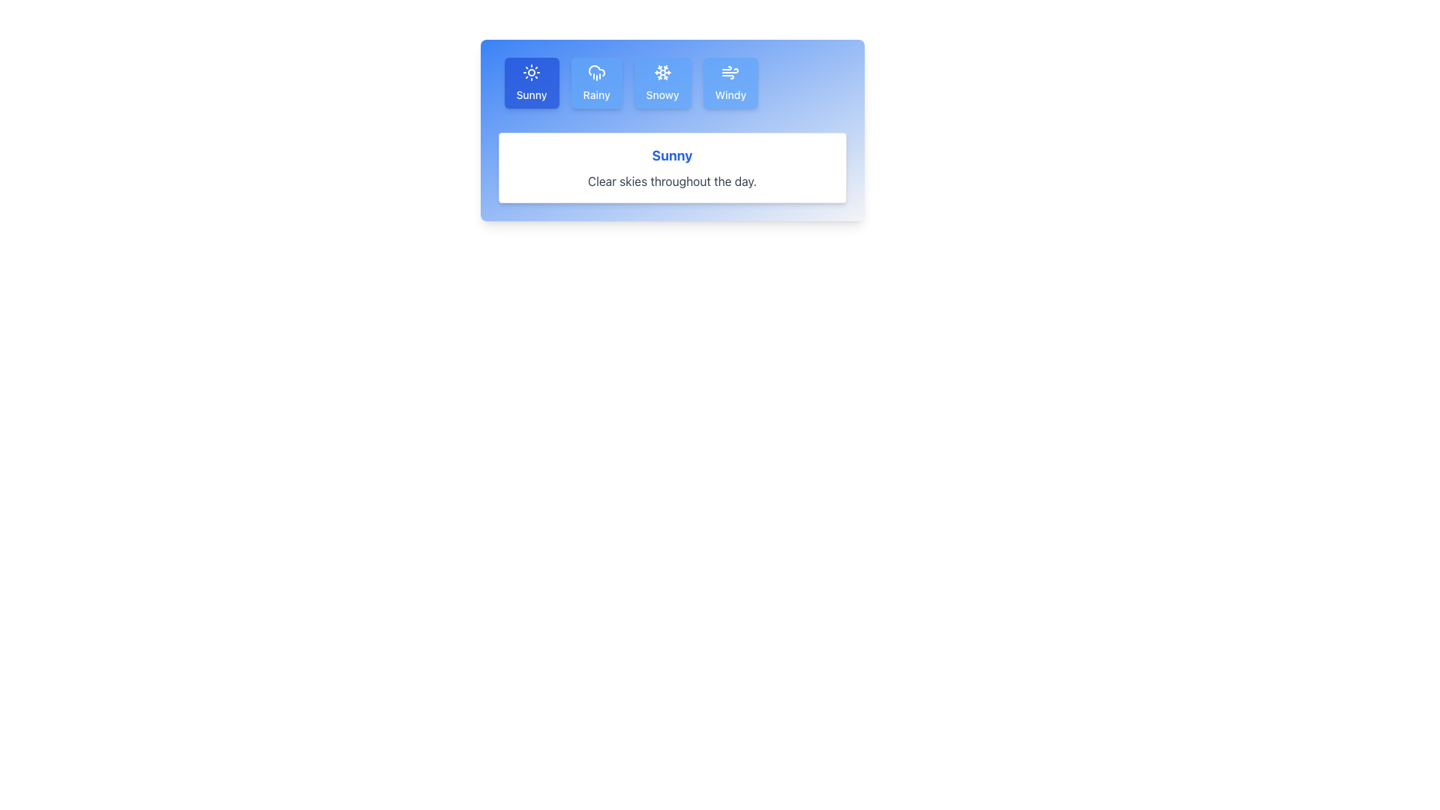 This screenshot has height=810, width=1440. What do you see at coordinates (671, 167) in the screenshot?
I see `displayed information from the Information display panel with a bold blue title 'Sunny' and a gray subtitle 'Clear skies throughout the day.'` at bounding box center [671, 167].